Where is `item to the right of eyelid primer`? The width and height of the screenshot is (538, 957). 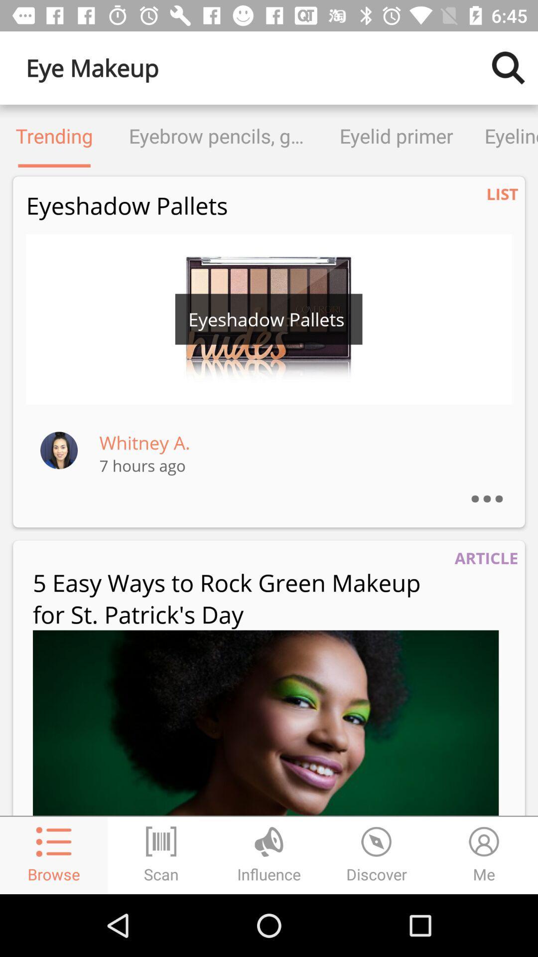
item to the right of eyelid primer is located at coordinates (503, 136).